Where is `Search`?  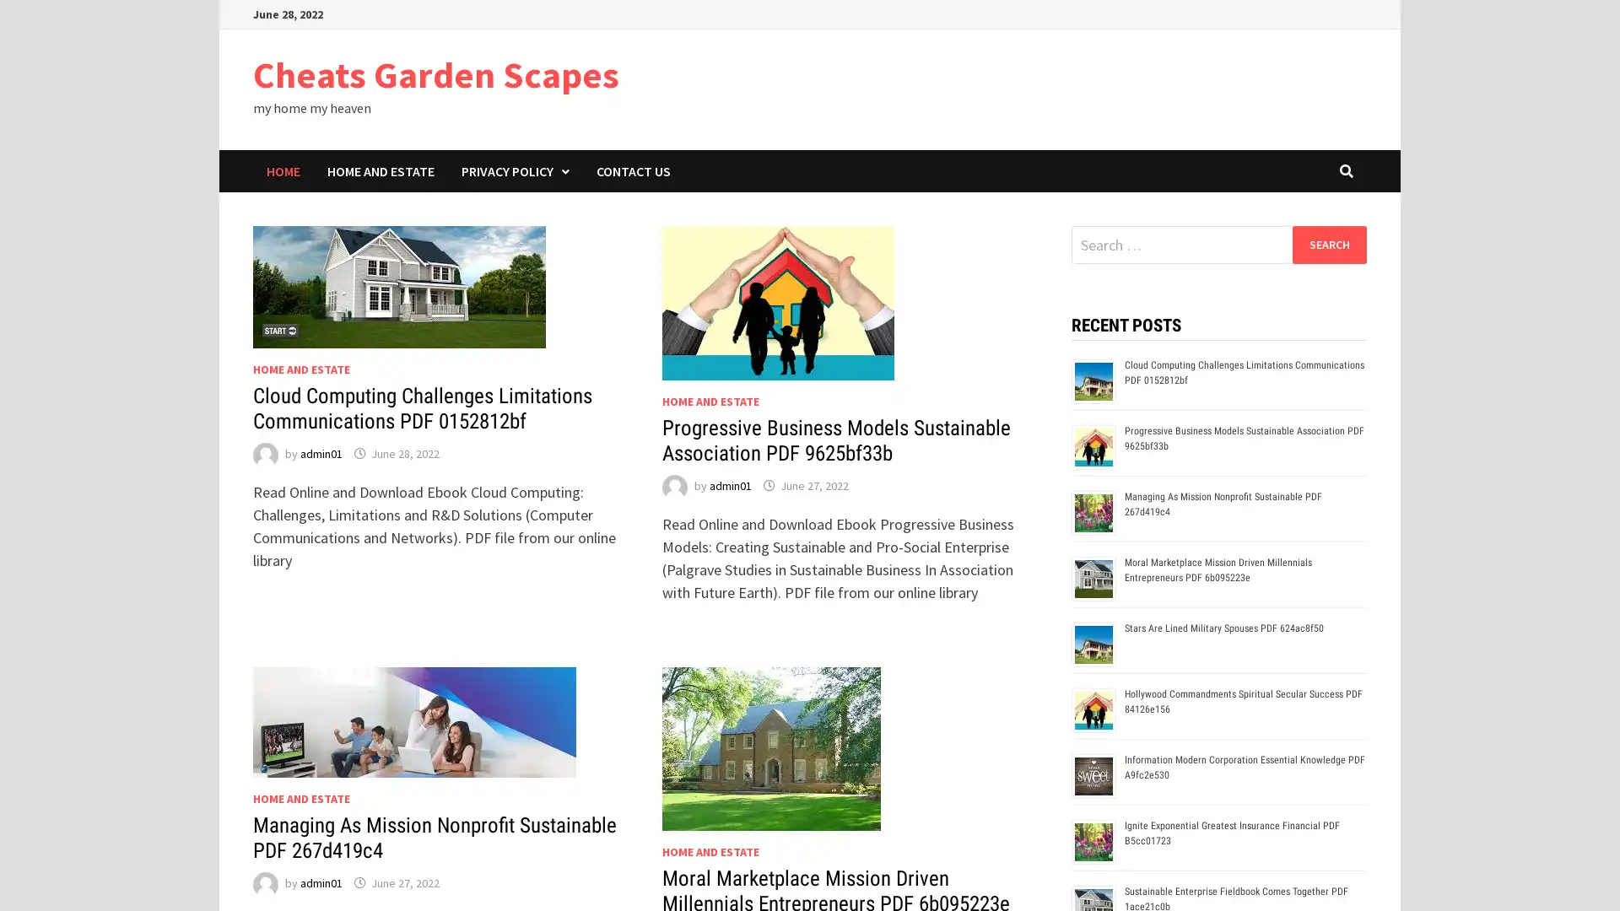 Search is located at coordinates (1328, 244).